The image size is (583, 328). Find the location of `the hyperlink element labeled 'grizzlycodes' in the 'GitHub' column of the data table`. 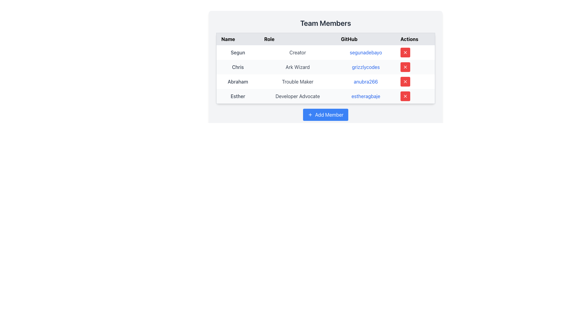

the hyperlink element labeled 'grizzlycodes' in the 'GitHub' column of the data table is located at coordinates (325, 63).